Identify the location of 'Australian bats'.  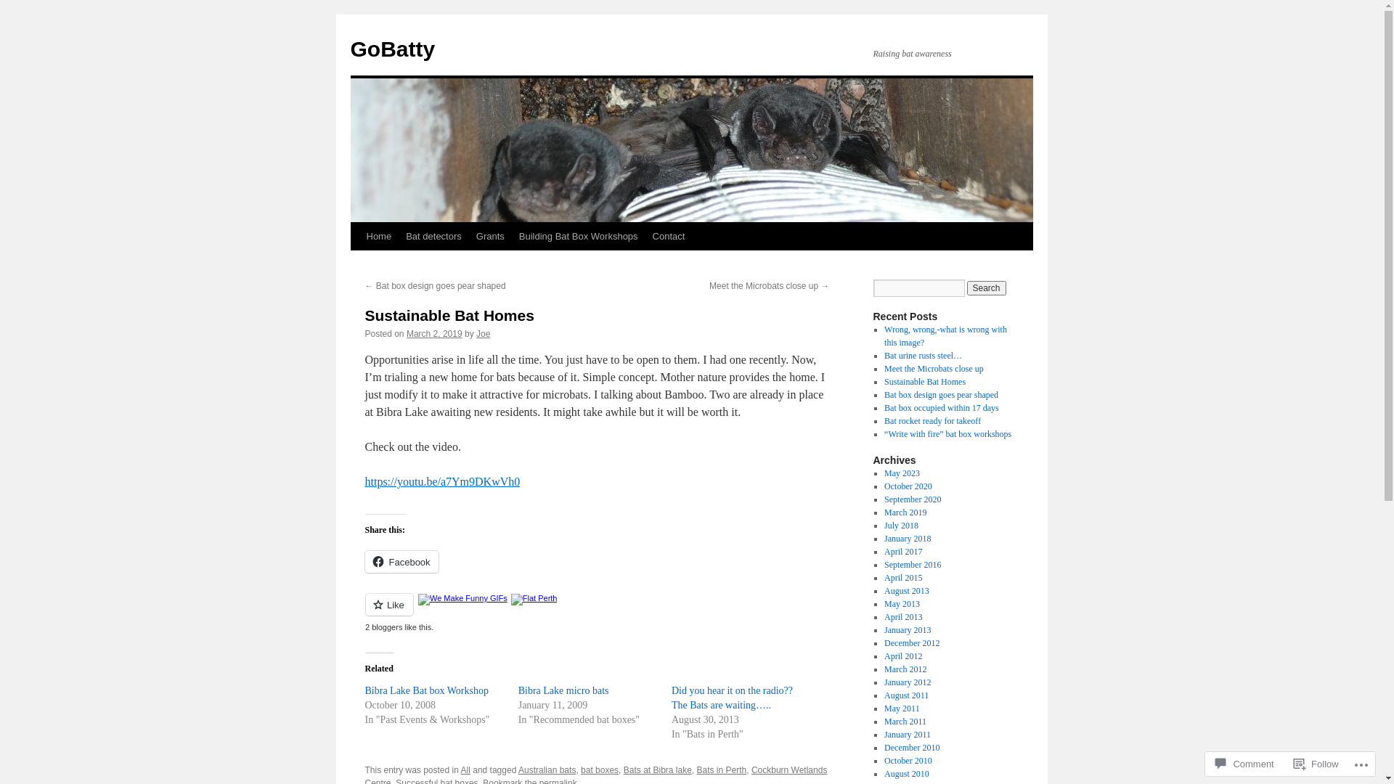
(546, 769).